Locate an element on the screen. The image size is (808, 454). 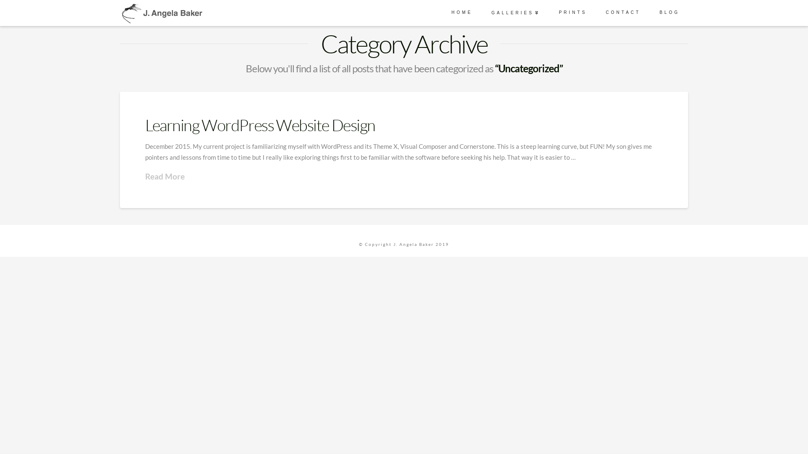
'HOME' is located at coordinates (460, 8).